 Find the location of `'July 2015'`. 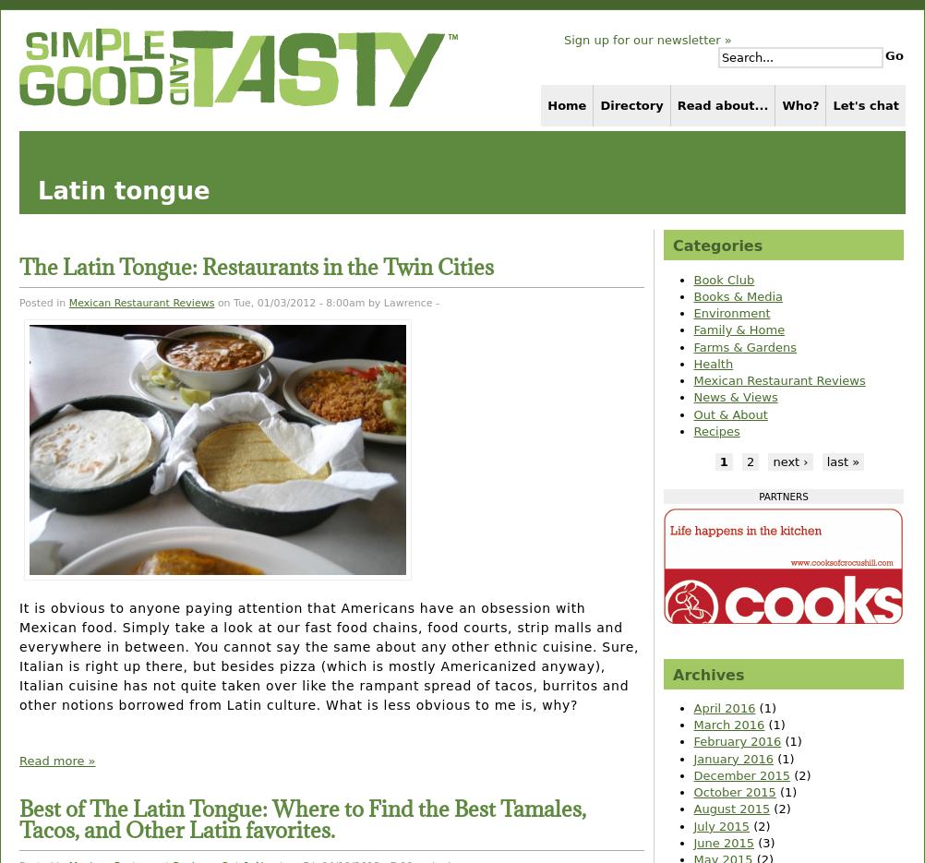

'July 2015' is located at coordinates (692, 825).